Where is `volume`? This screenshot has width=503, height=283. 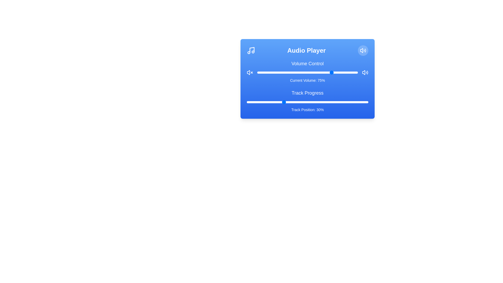
volume is located at coordinates (272, 73).